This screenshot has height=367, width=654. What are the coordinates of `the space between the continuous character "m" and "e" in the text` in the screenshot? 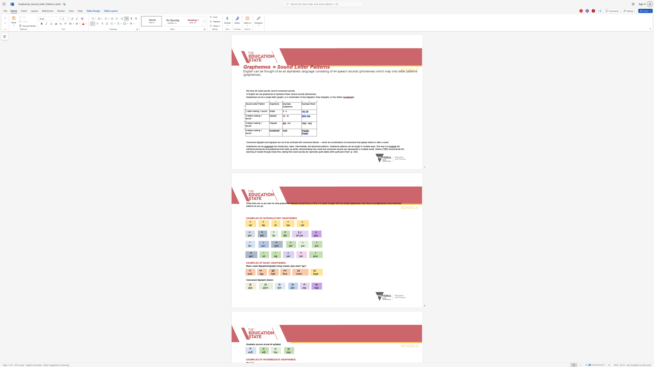 It's located at (255, 146).